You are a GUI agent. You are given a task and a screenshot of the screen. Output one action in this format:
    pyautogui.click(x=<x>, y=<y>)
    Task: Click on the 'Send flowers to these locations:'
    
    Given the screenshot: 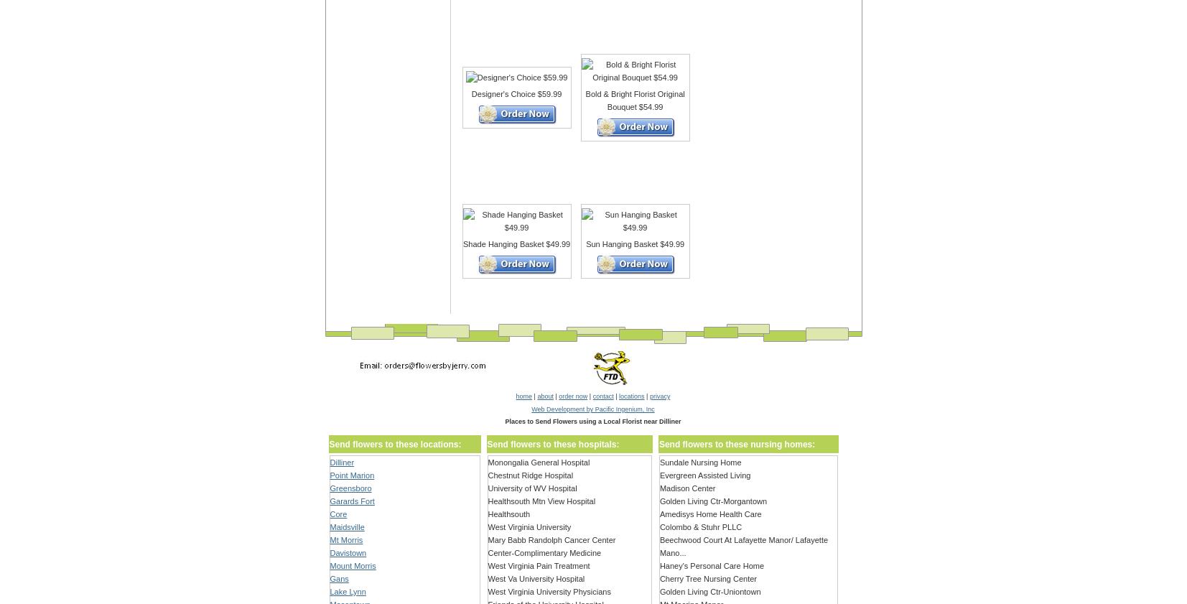 What is the action you would take?
    pyautogui.click(x=394, y=443)
    